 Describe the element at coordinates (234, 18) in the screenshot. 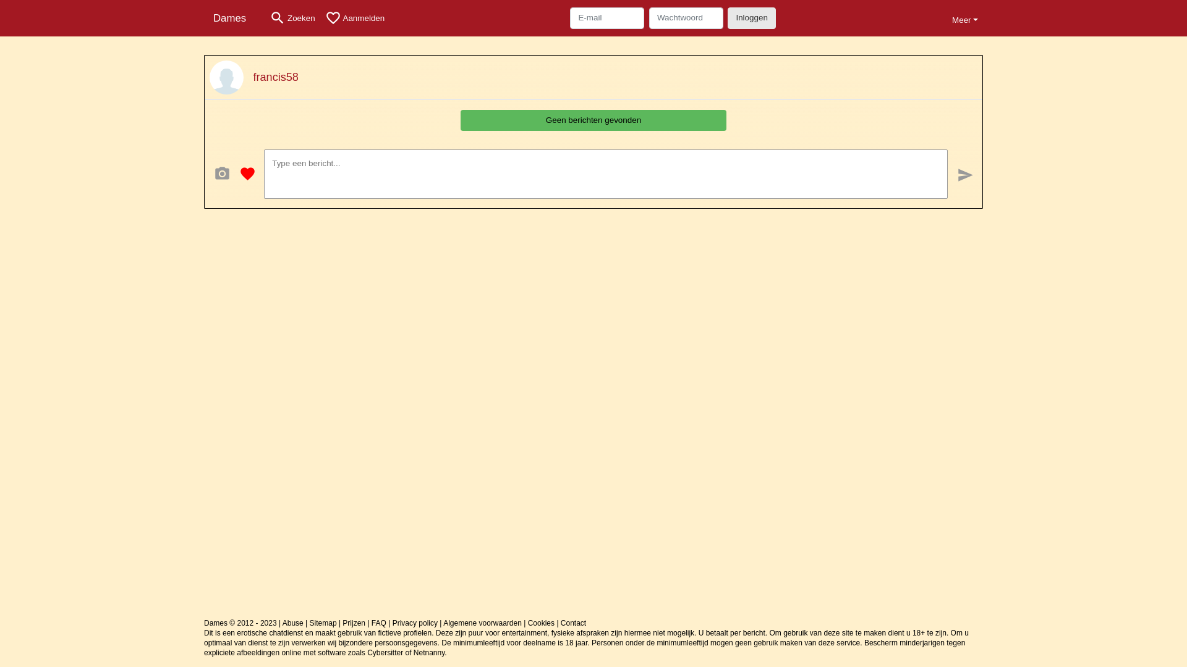

I see `'Dames'` at that location.